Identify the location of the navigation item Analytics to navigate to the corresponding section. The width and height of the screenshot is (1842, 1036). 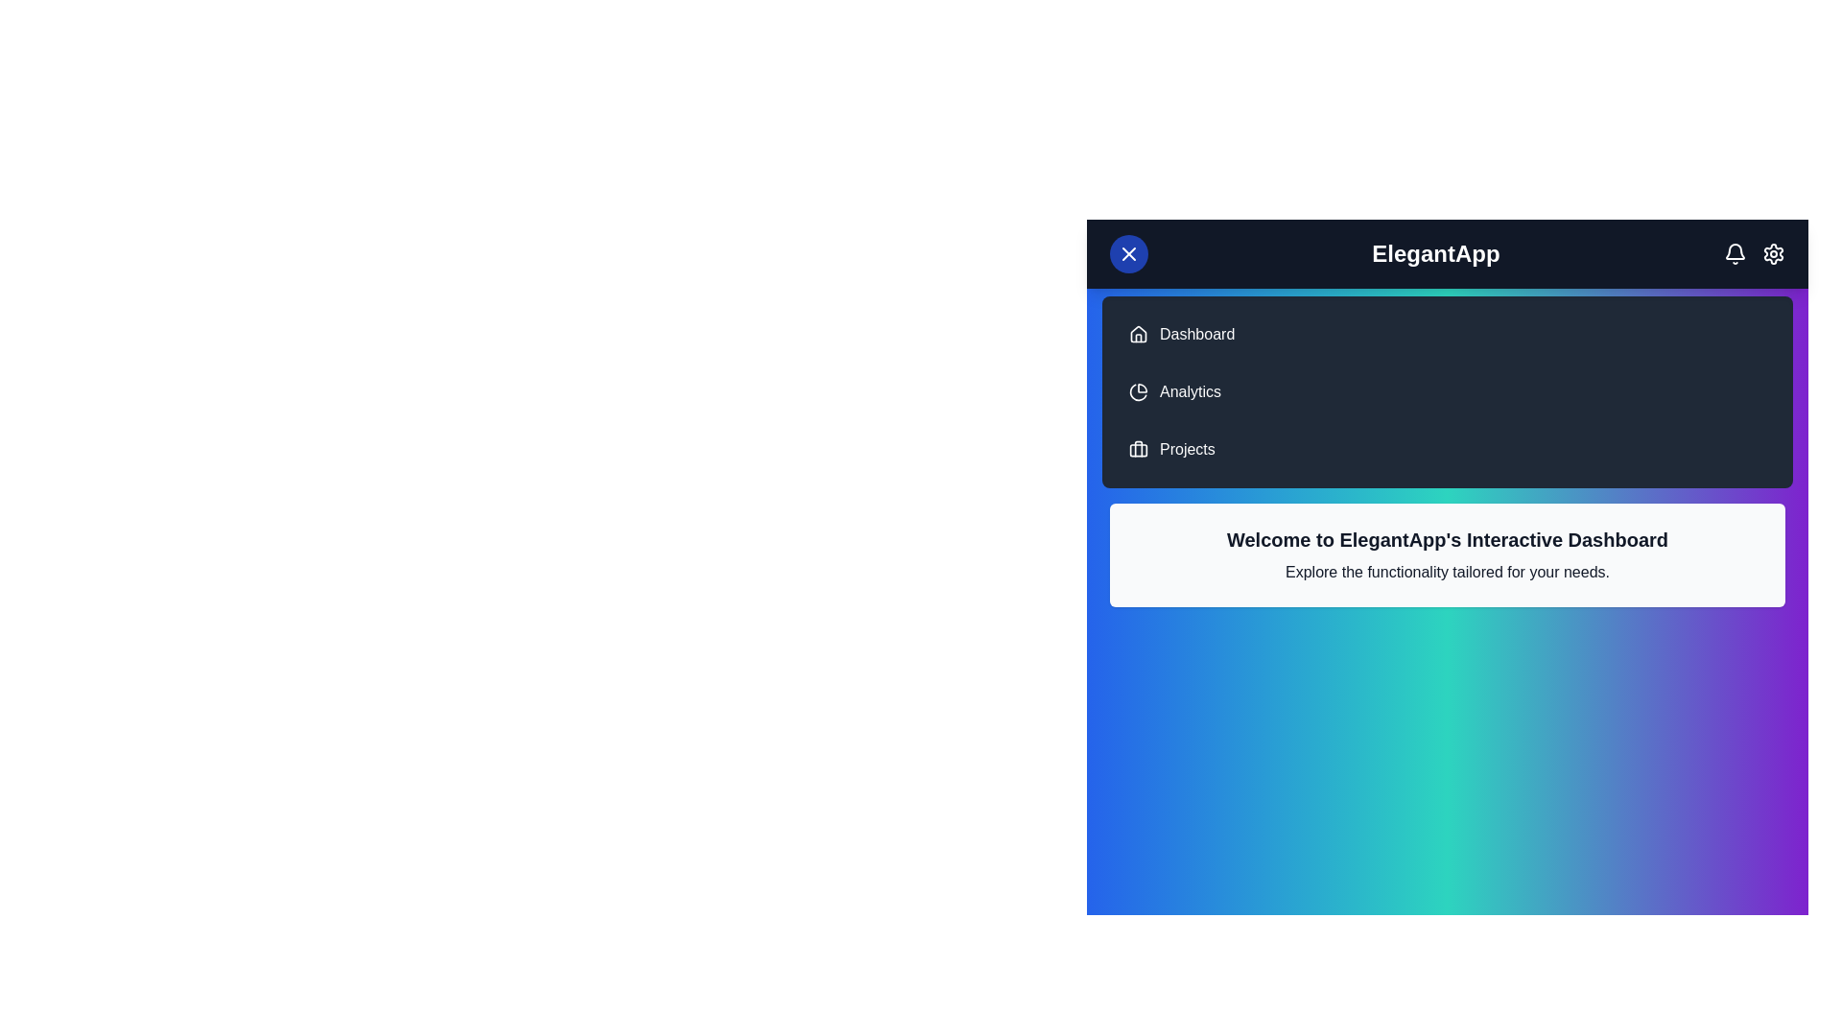
(1190, 390).